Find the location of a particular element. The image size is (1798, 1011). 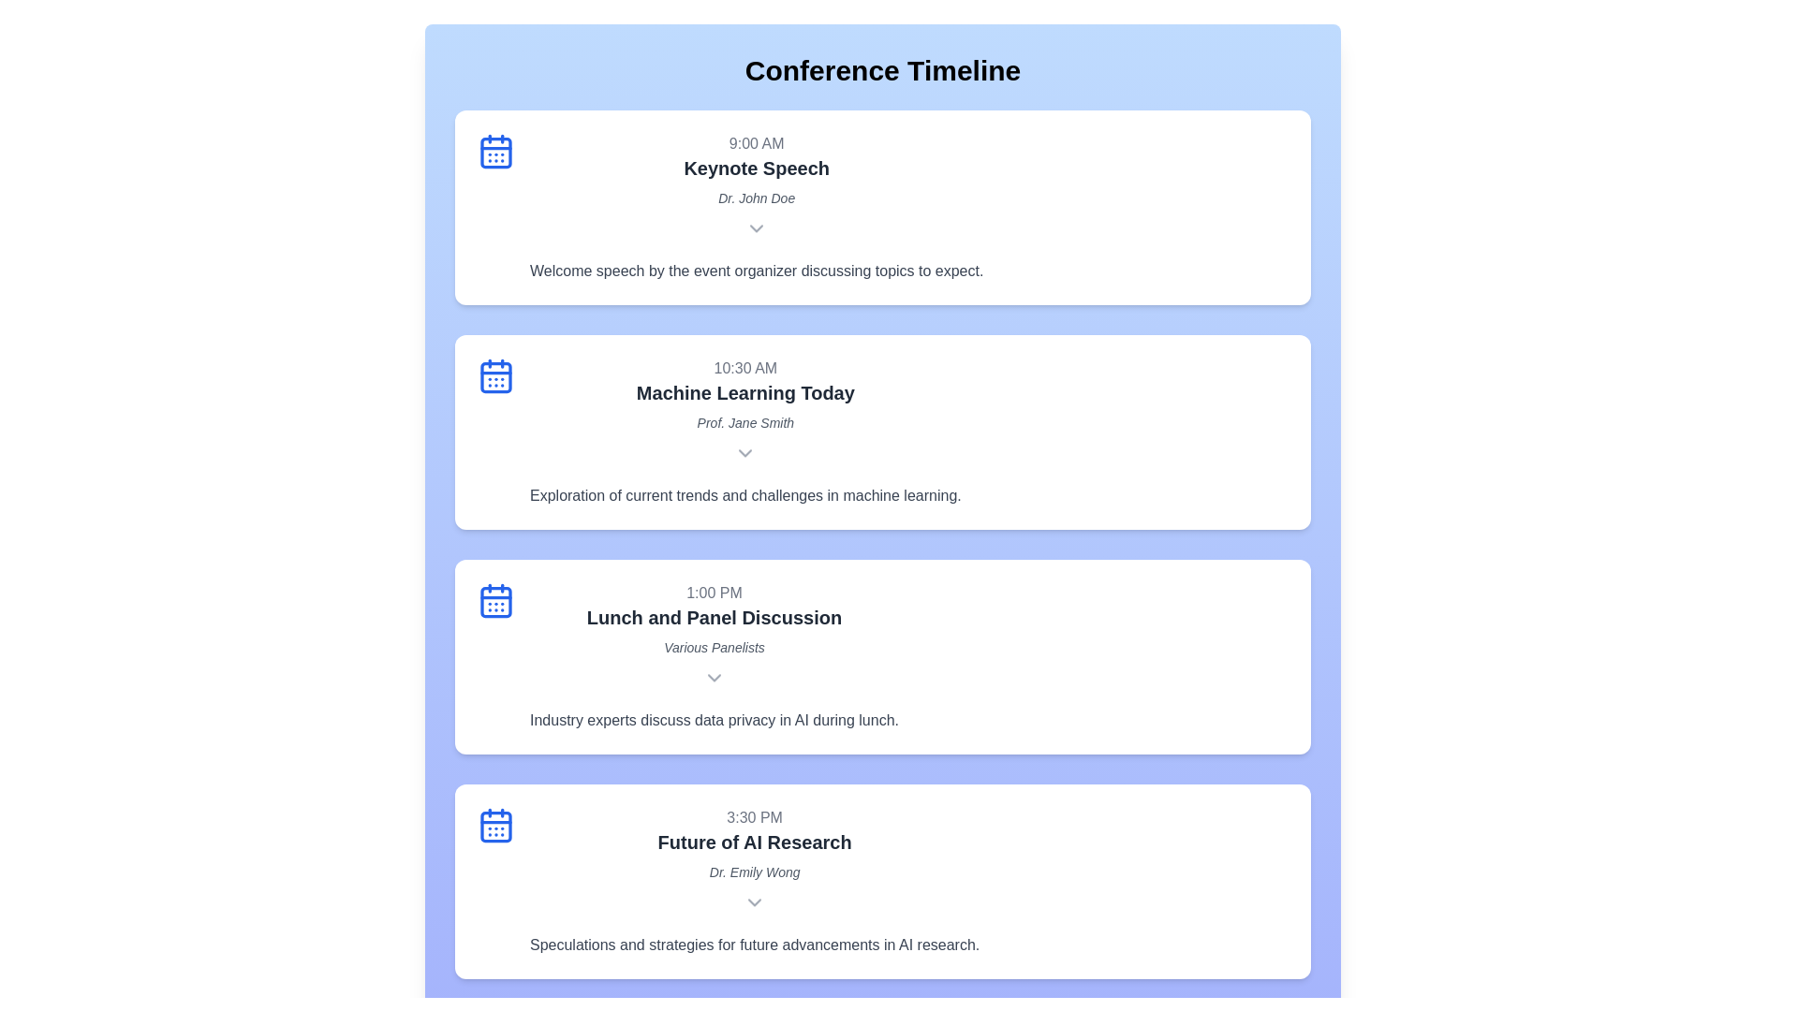

the small rectangular shape with rounded corners, styled in blue, that is part of the calendar icon located in the top-left corner of the white card for the 'Lunch and Panel Discussion' event is located at coordinates (495, 602).